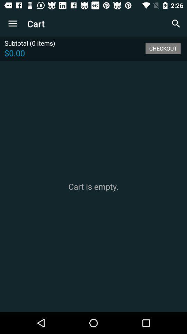 This screenshot has width=187, height=334. What do you see at coordinates (176, 24) in the screenshot?
I see `the icon above the checkout` at bounding box center [176, 24].